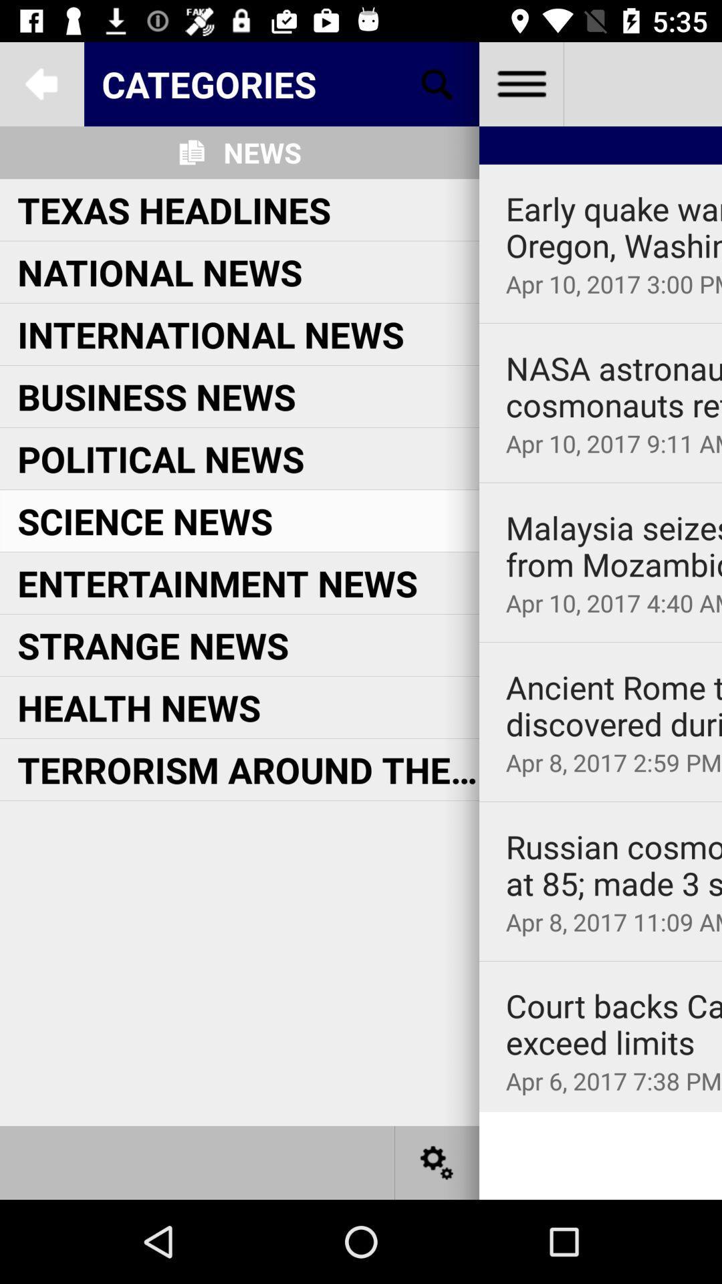 This screenshot has width=722, height=1284. What do you see at coordinates (437, 83) in the screenshot?
I see `the search icon` at bounding box center [437, 83].